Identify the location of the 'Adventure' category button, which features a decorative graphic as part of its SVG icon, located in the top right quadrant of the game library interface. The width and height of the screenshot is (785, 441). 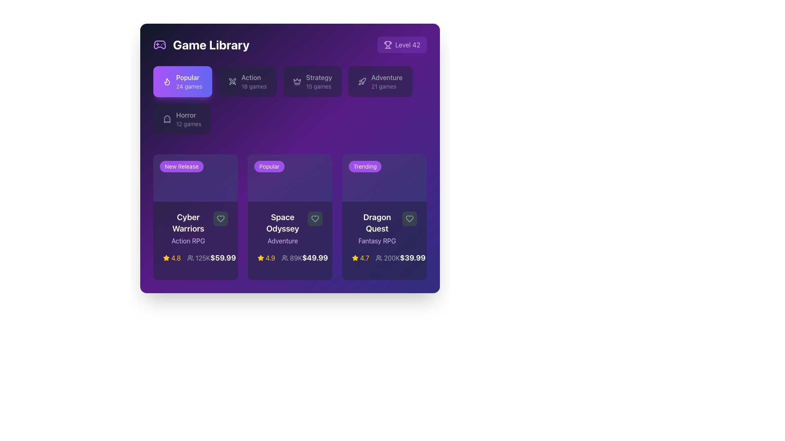
(363, 80).